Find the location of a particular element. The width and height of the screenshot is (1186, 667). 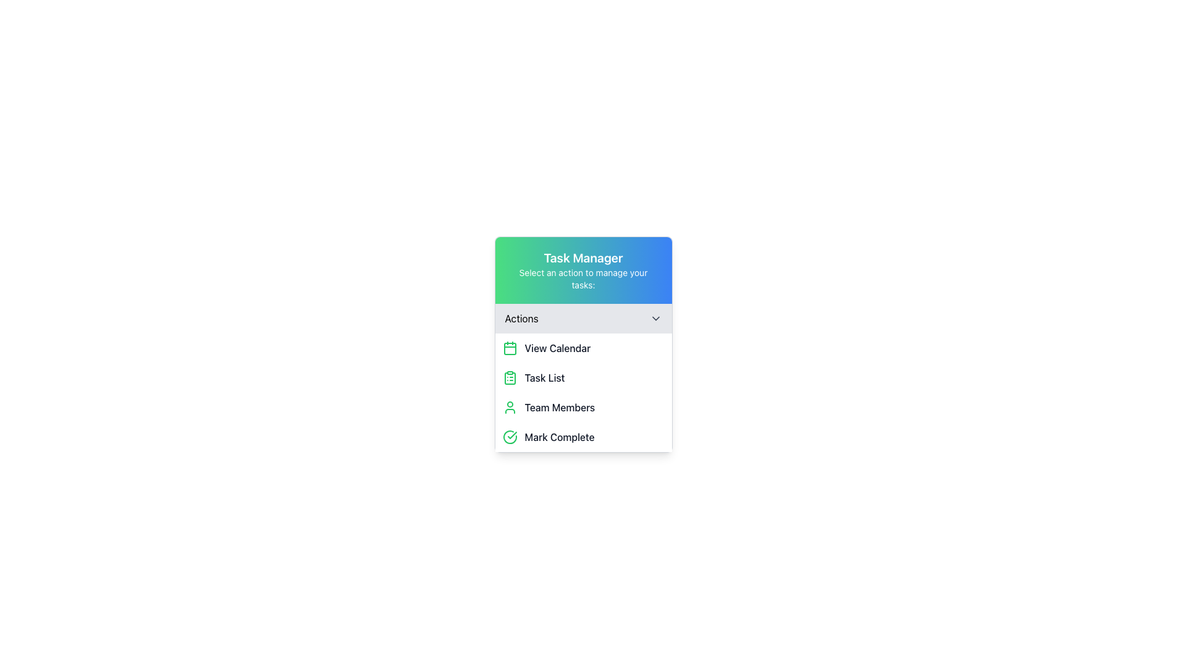

the label indicating the functionality of marking a task or item as complete, located at the bottom of the action menu next to a circular green checkmark icon is located at coordinates (559, 437).